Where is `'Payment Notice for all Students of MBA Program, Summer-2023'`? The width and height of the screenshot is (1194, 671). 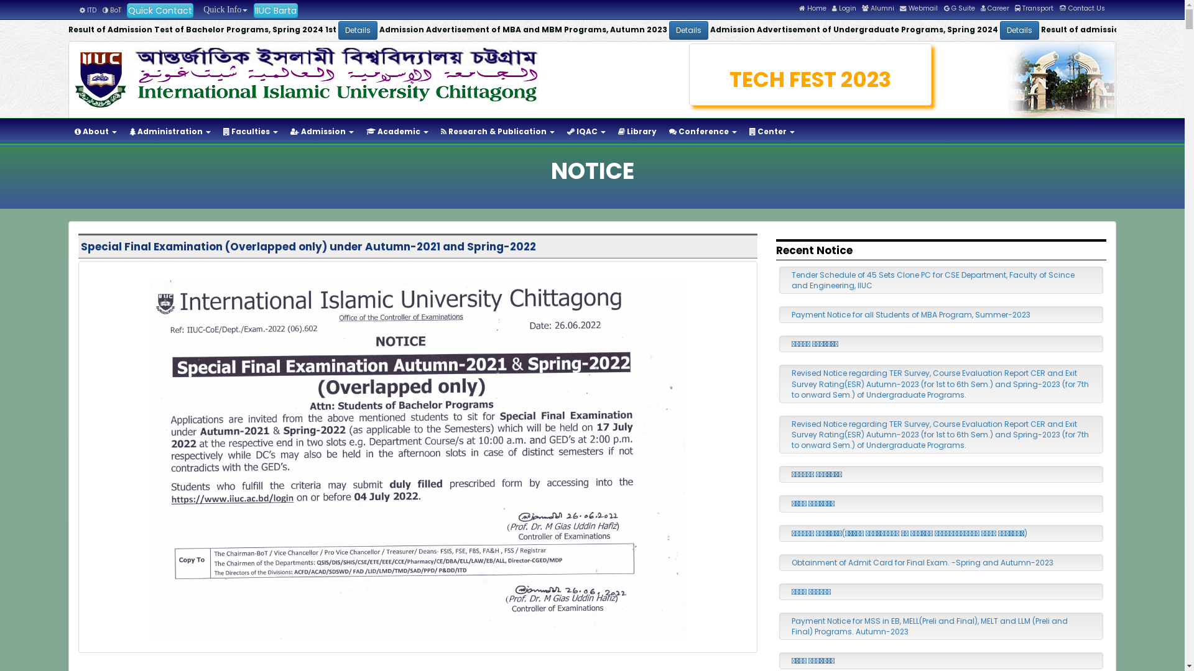
'Payment Notice for all Students of MBA Program, Summer-2023' is located at coordinates (790, 314).